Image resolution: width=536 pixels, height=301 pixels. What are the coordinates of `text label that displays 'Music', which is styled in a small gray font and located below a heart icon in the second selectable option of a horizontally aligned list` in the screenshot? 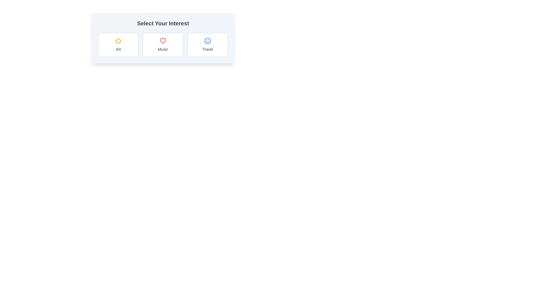 It's located at (163, 49).